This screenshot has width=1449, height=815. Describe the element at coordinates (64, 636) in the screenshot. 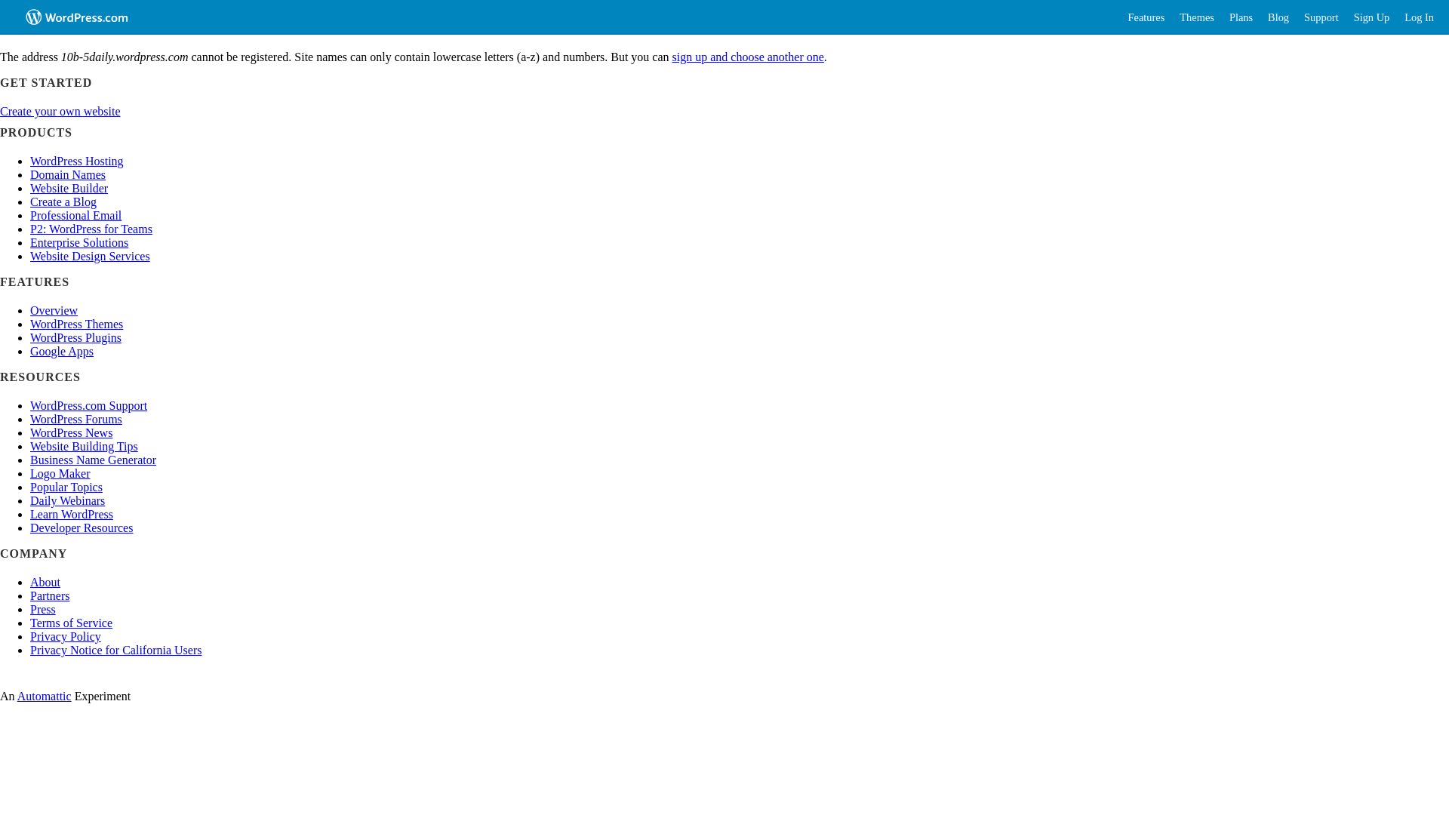

I see `'Privacy Policy'` at that location.